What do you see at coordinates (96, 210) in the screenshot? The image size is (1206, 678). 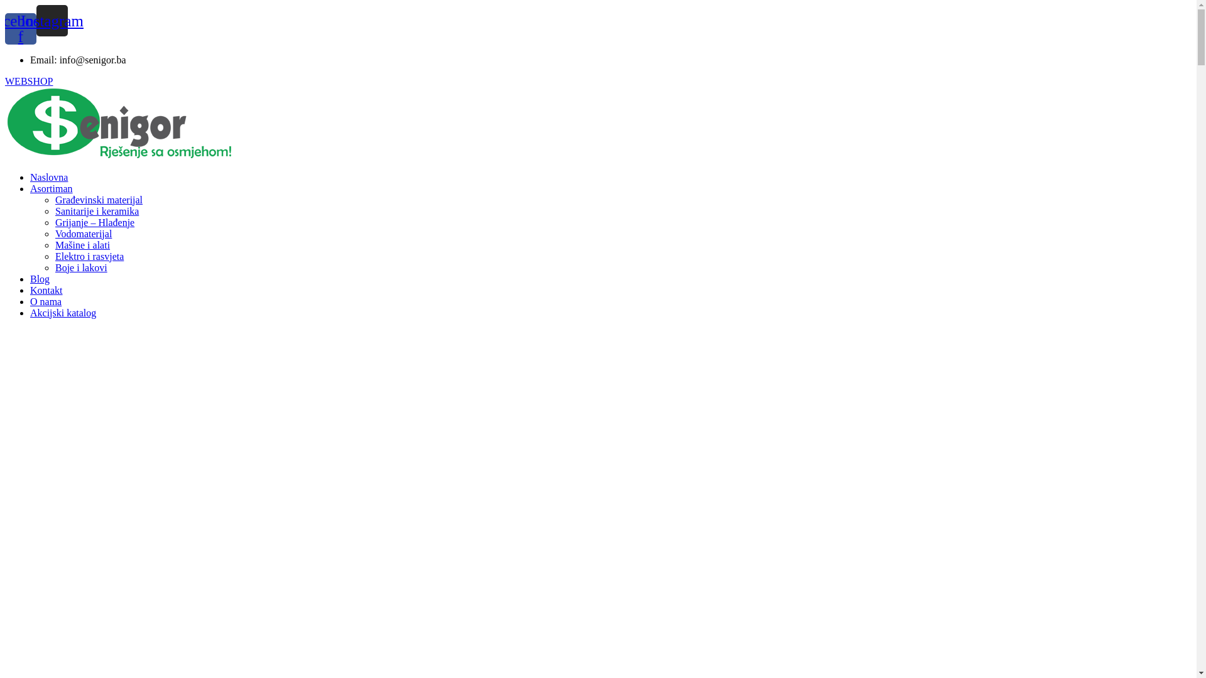 I see `'Sanitarije i keramika'` at bounding box center [96, 210].